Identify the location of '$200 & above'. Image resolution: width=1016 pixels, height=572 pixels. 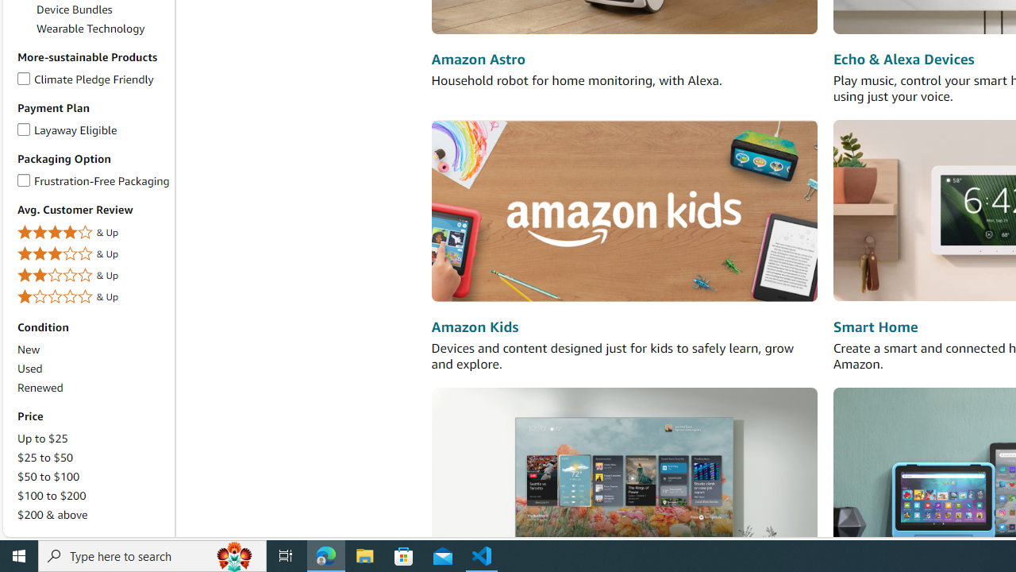
(52, 515).